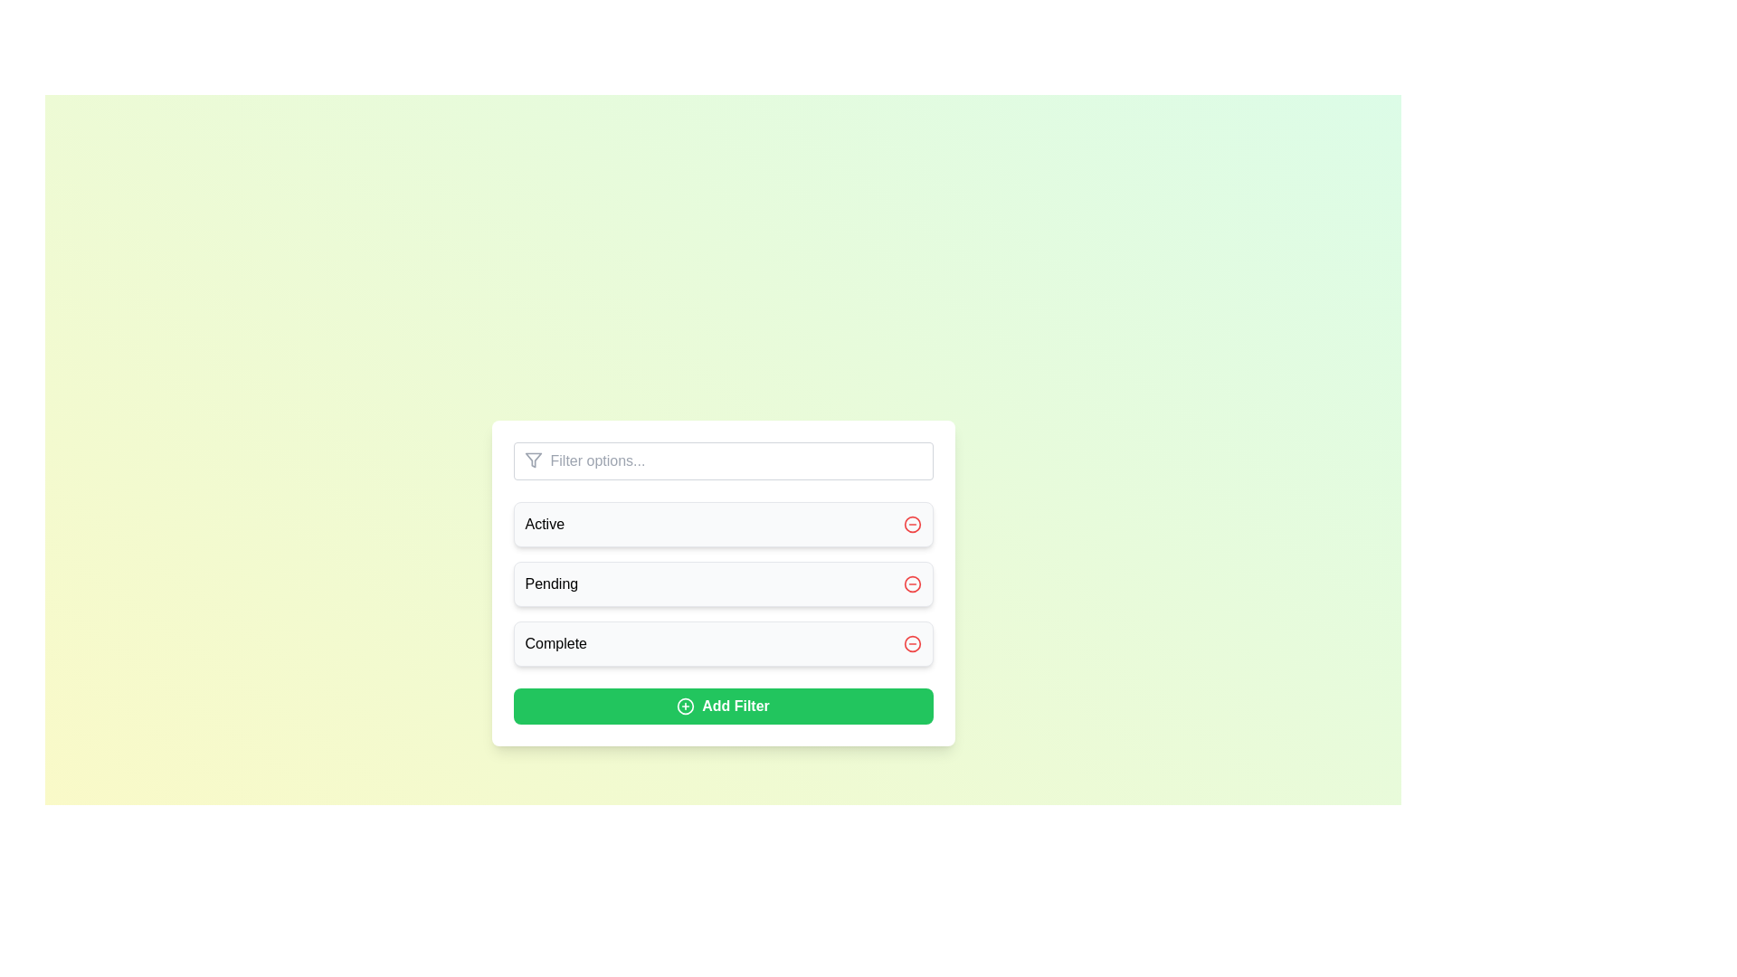 The width and height of the screenshot is (1737, 977). I want to click on the second item in the list labeled 'Pending', so click(722, 583).